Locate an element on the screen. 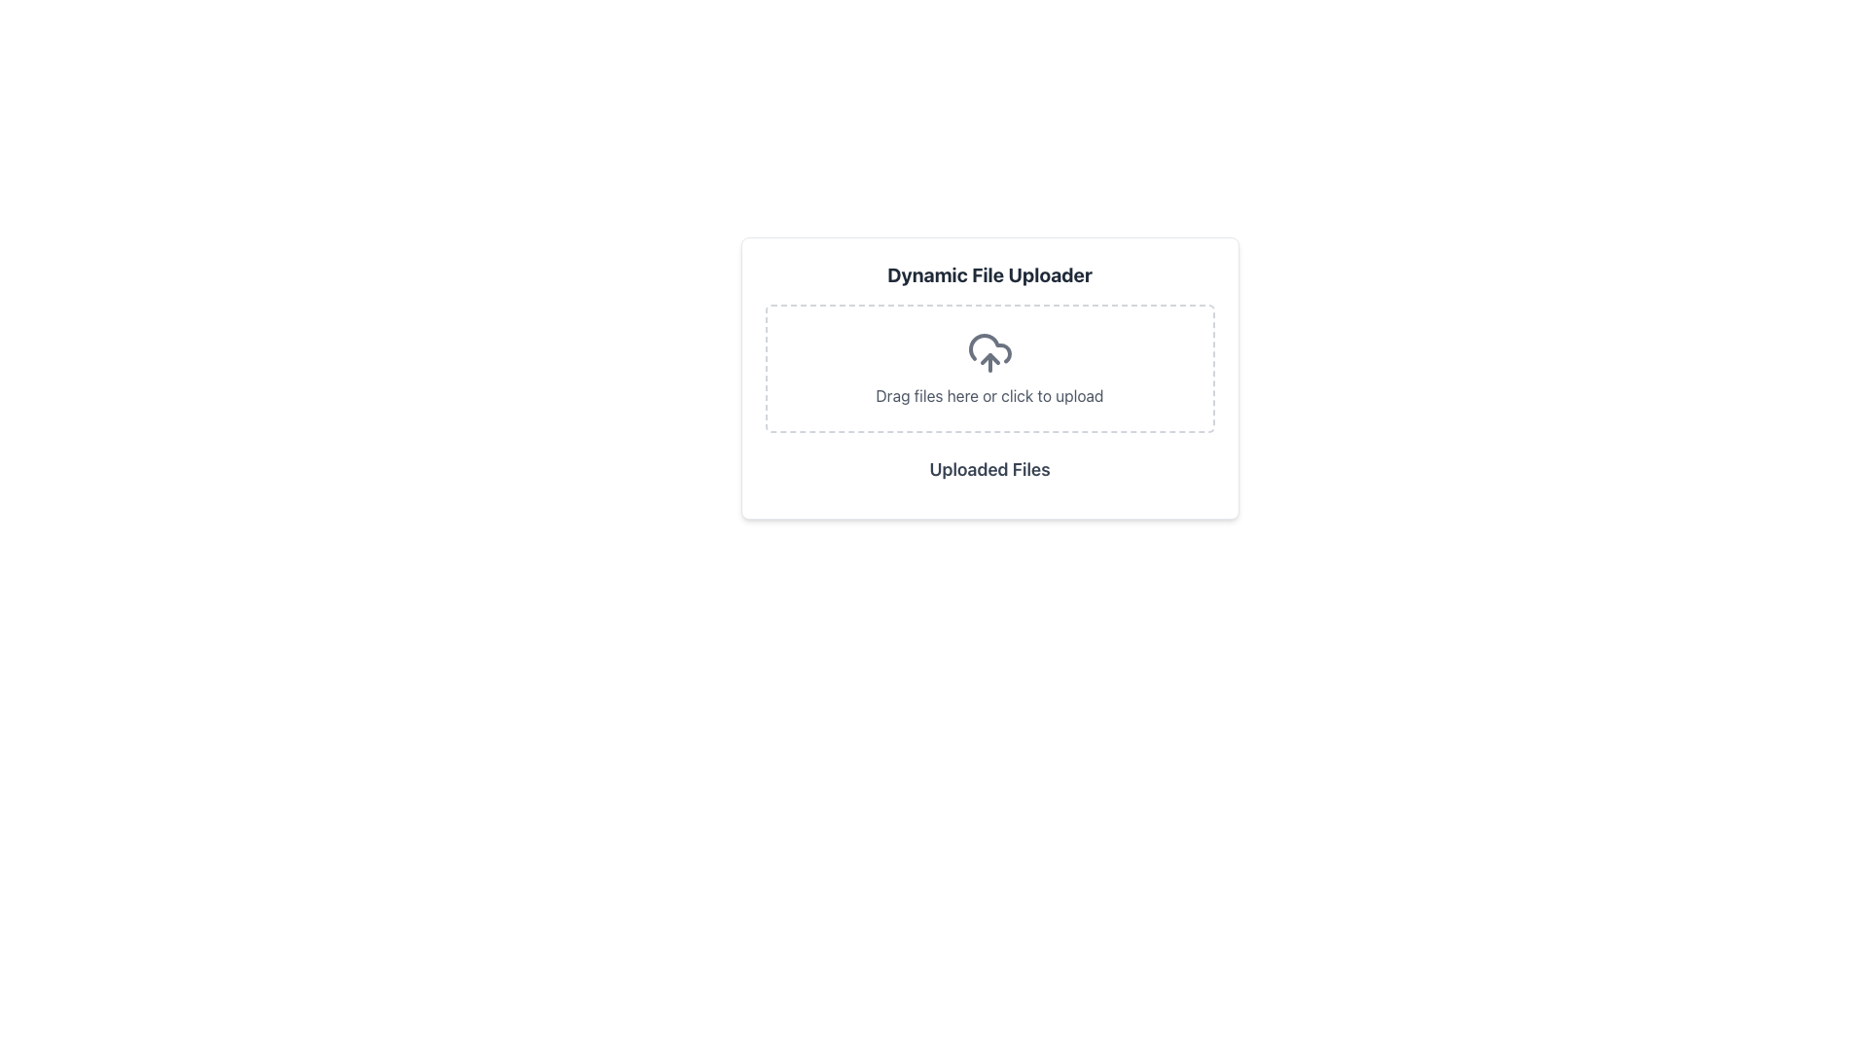  the File Upload Area located under the 'Dynamic File Uploader' heading is located at coordinates (989, 368).